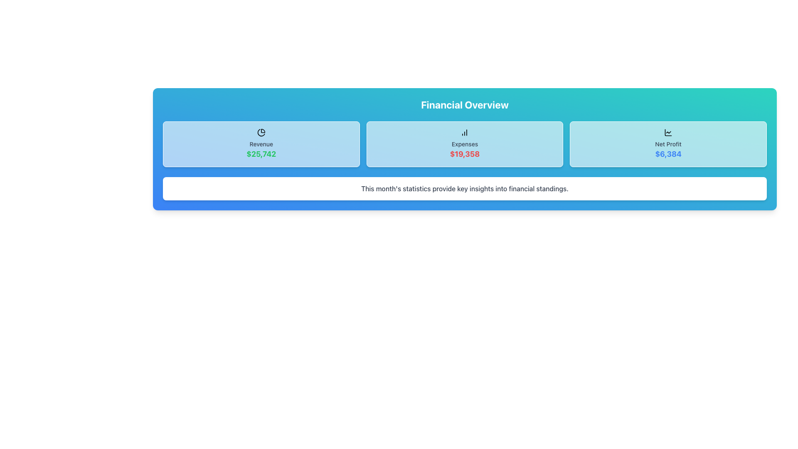 The image size is (798, 449). I want to click on the static text that reads: 'This month's statistics provide key insights into financial standings.' It is styled with a gray font color and located within a light-colored card interface with rounded corners, so click(464, 189).